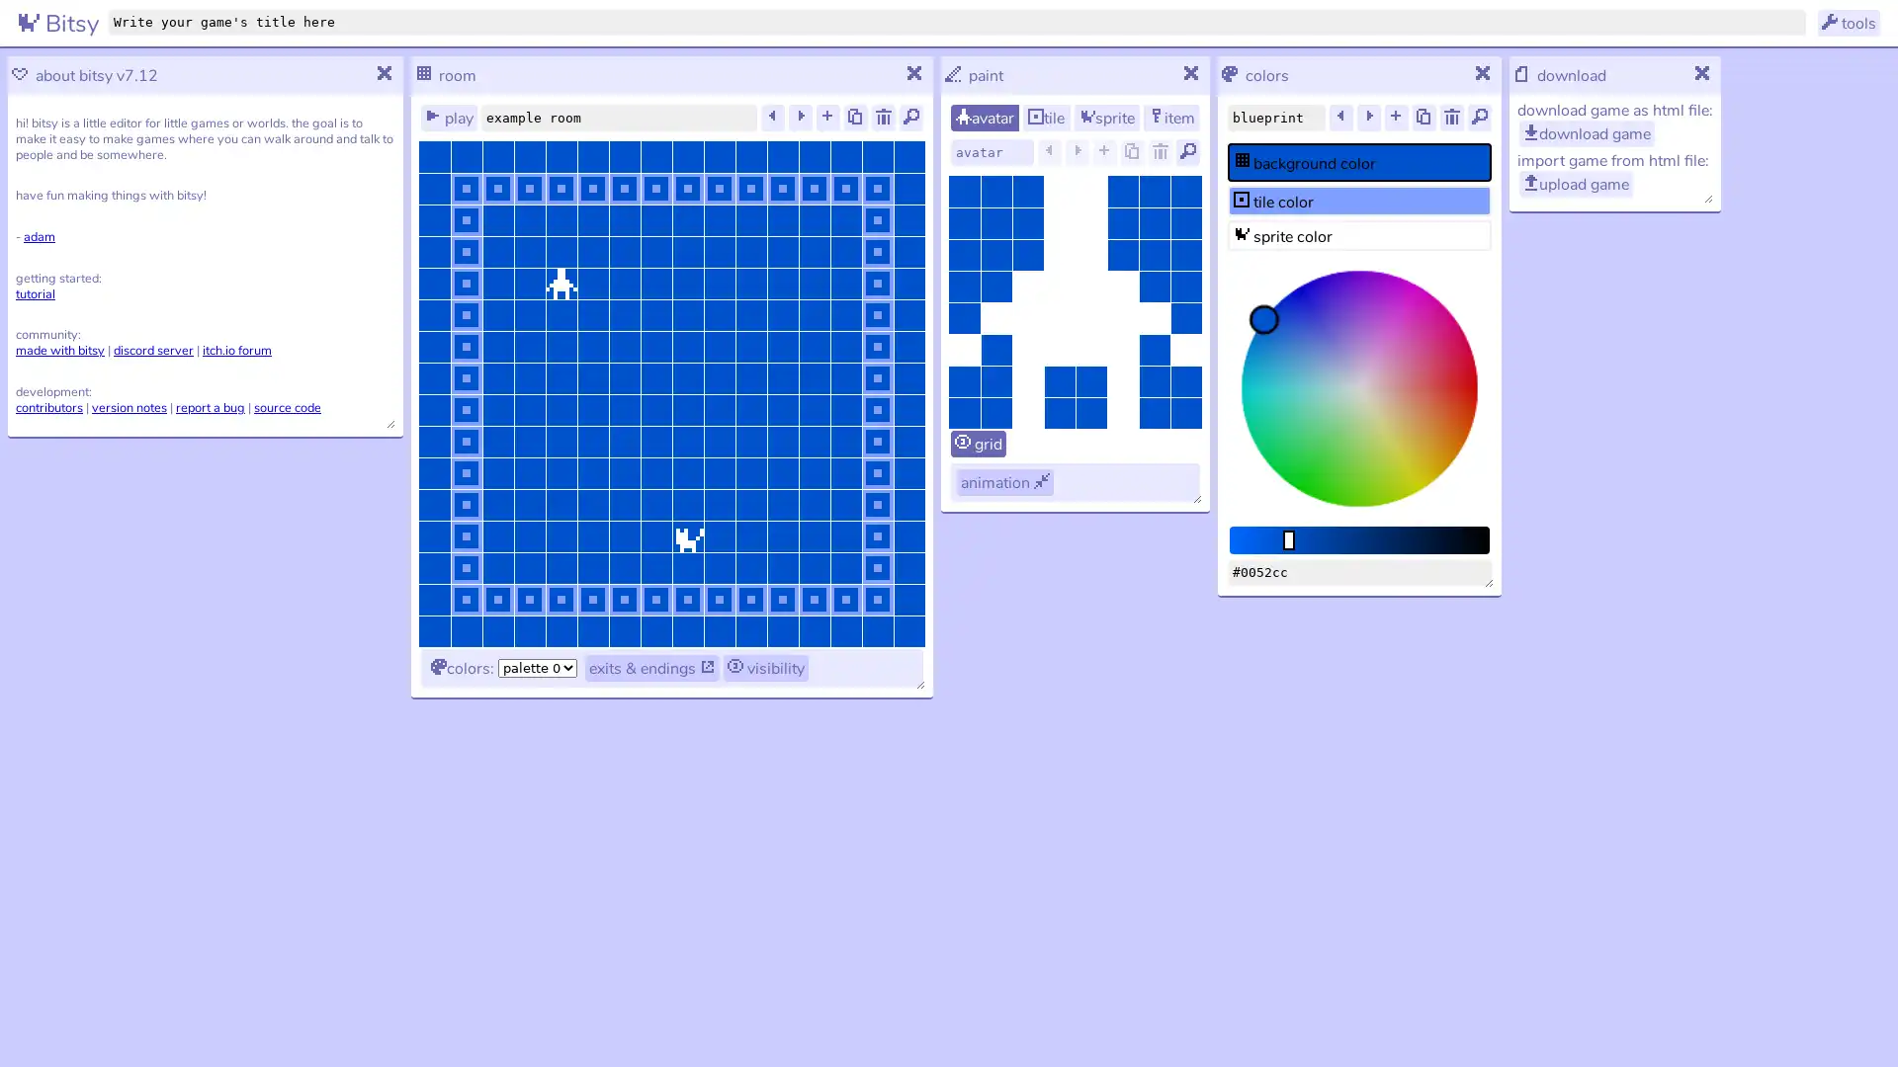 This screenshot has width=1898, height=1067. What do you see at coordinates (1368, 118) in the screenshot?
I see `next color palette` at bounding box center [1368, 118].